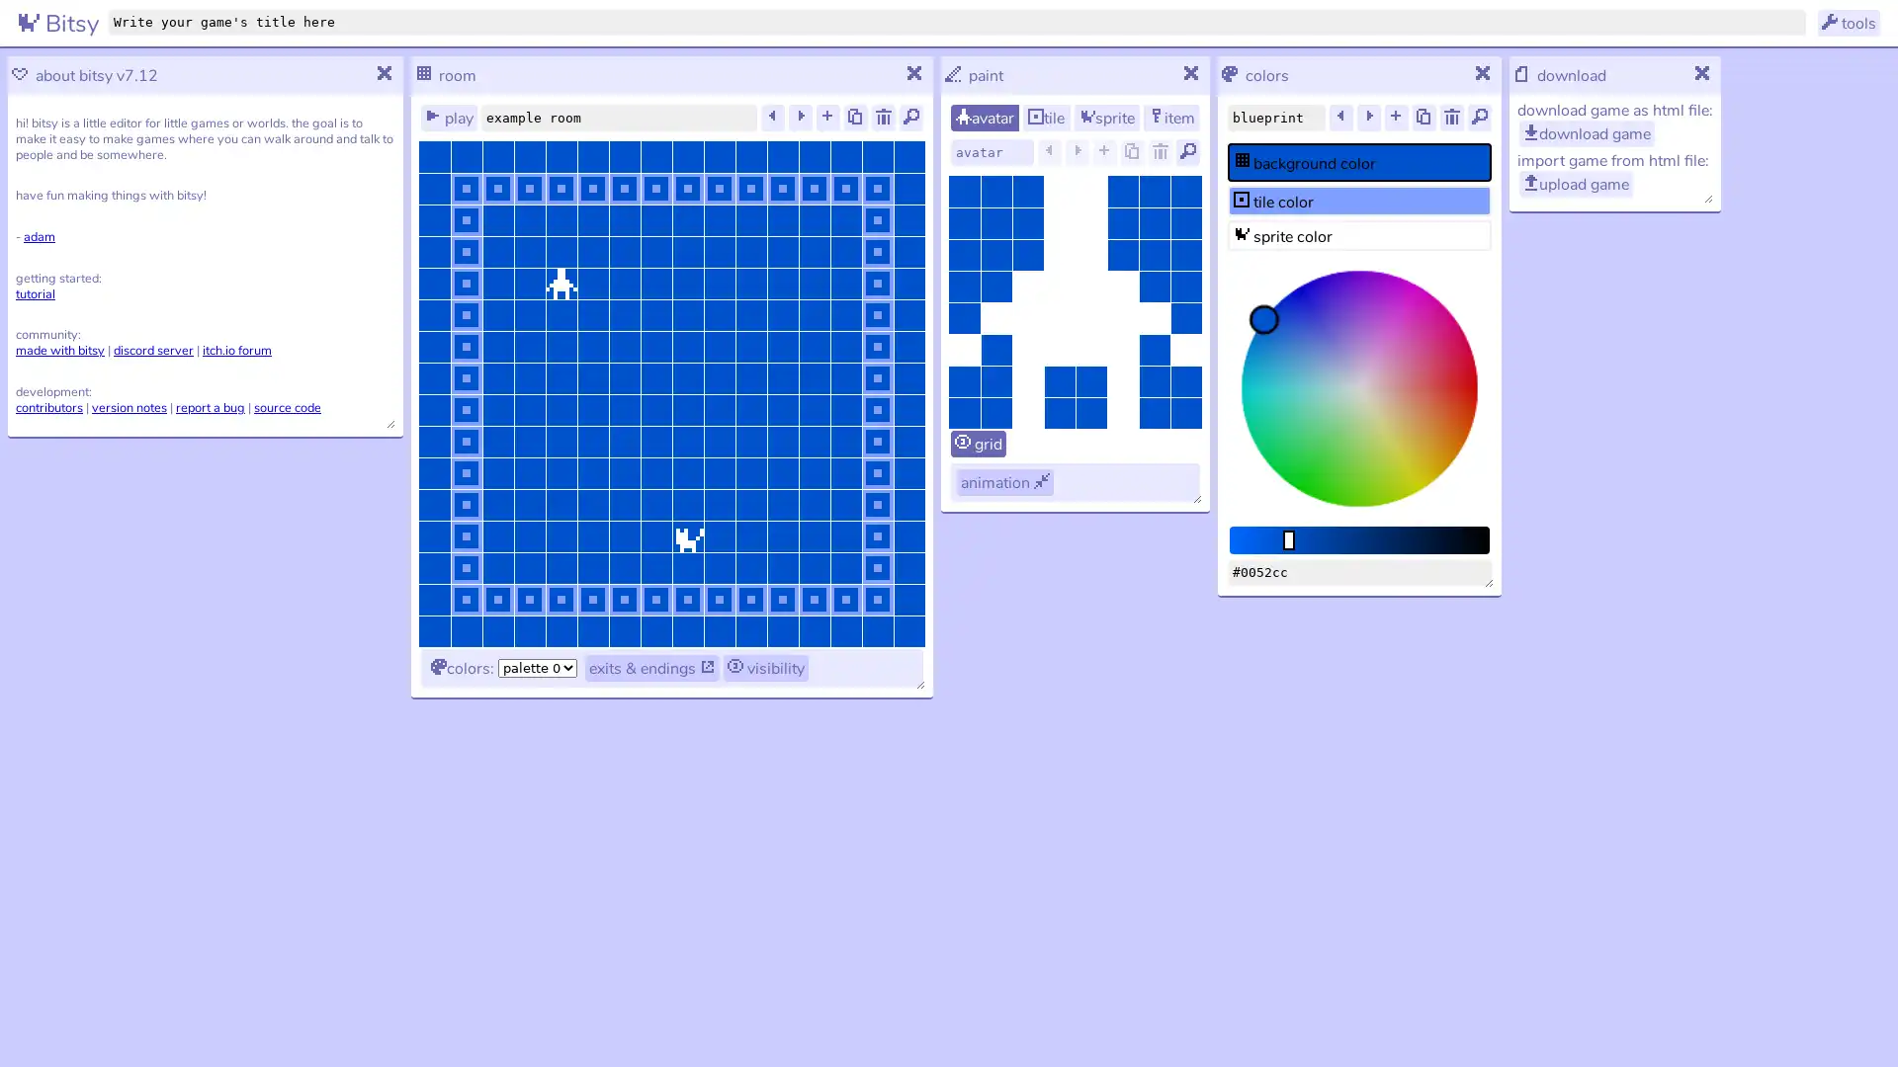 This screenshot has width=1898, height=1067. What do you see at coordinates (1368, 118) in the screenshot?
I see `next color palette` at bounding box center [1368, 118].